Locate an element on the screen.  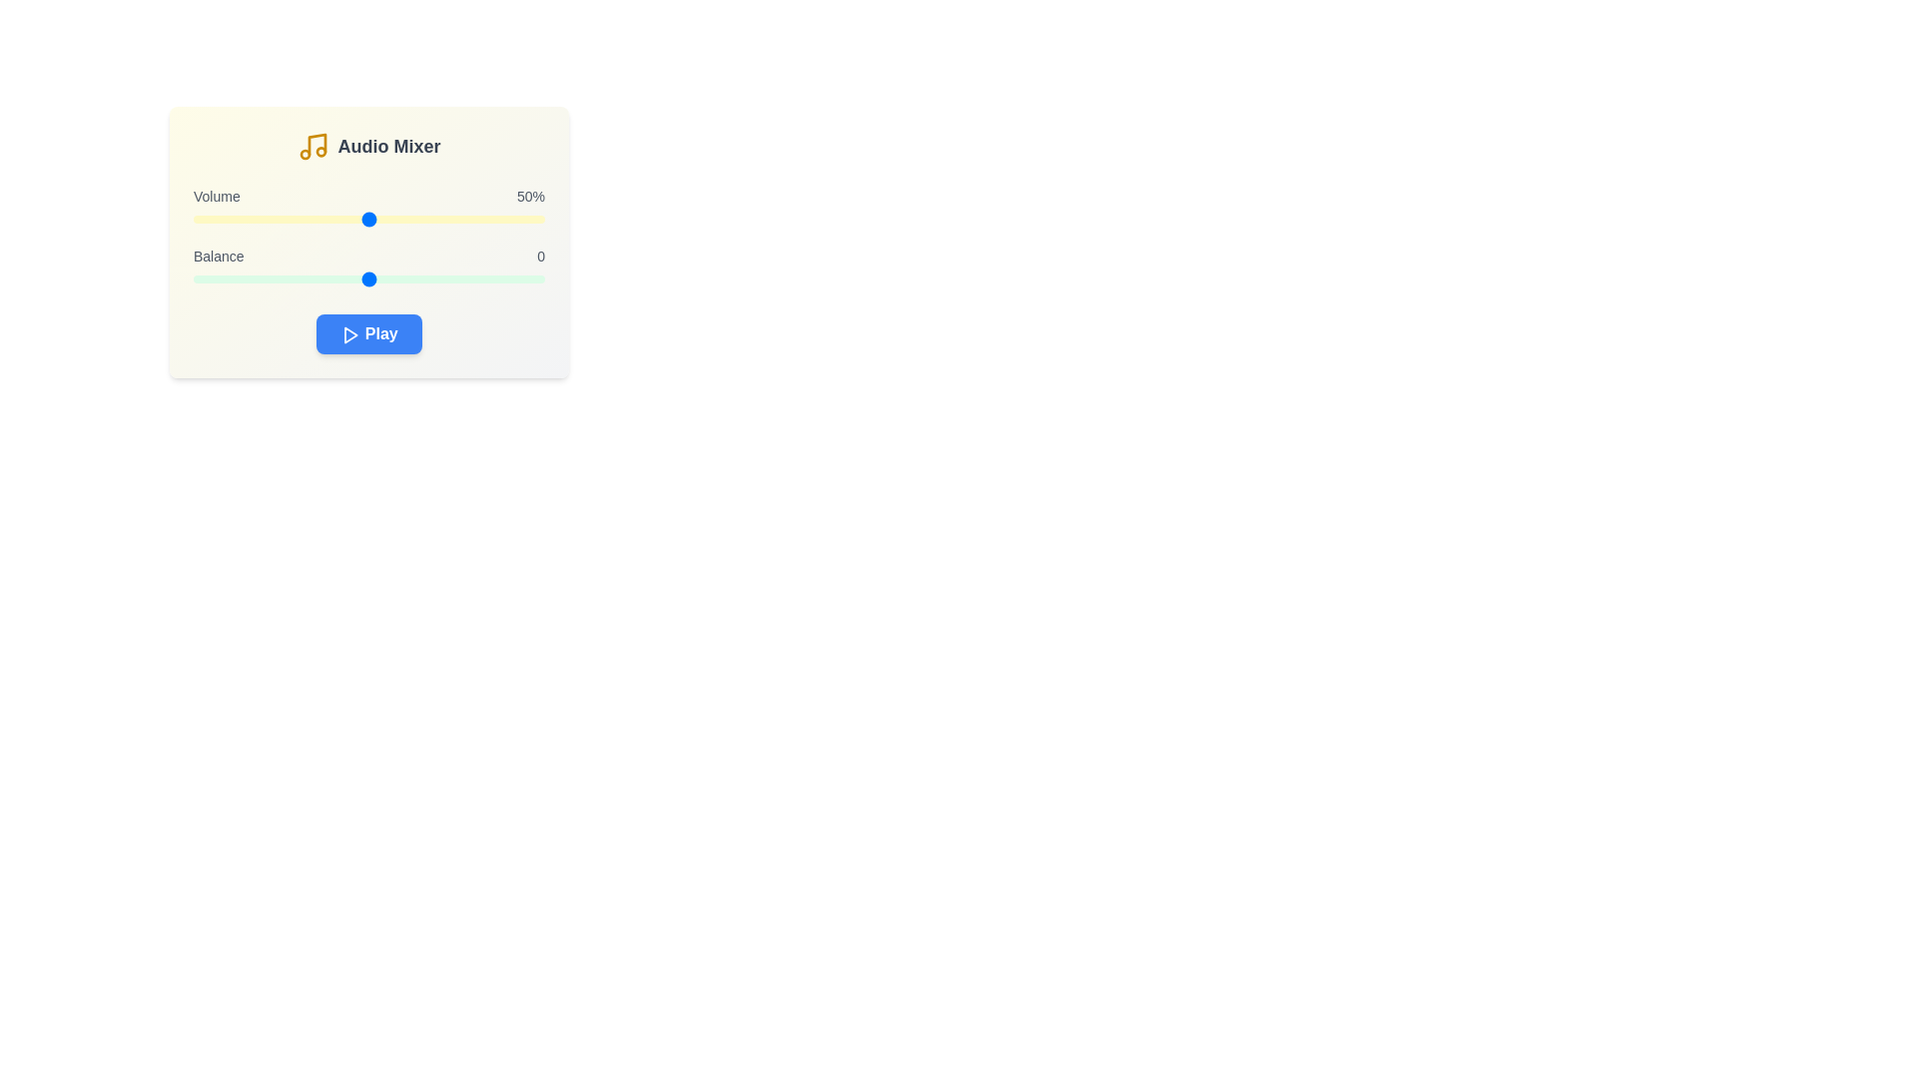
the volume is located at coordinates (399, 219).